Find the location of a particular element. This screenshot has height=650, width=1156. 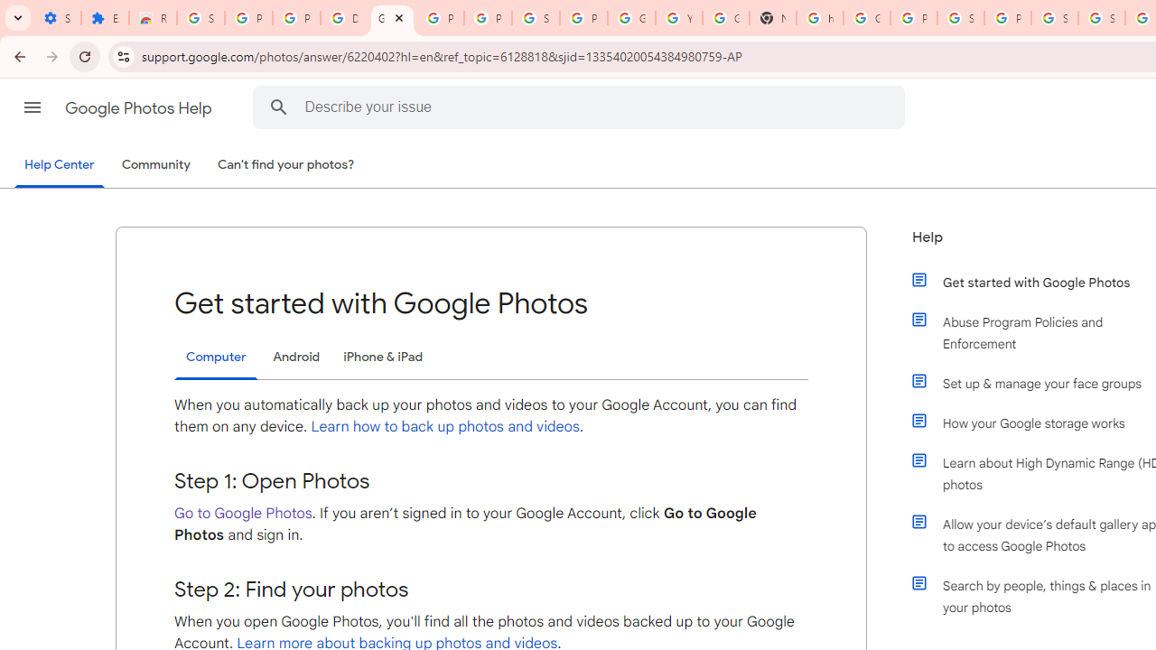

'Google Photos Help' is located at coordinates (139, 107).